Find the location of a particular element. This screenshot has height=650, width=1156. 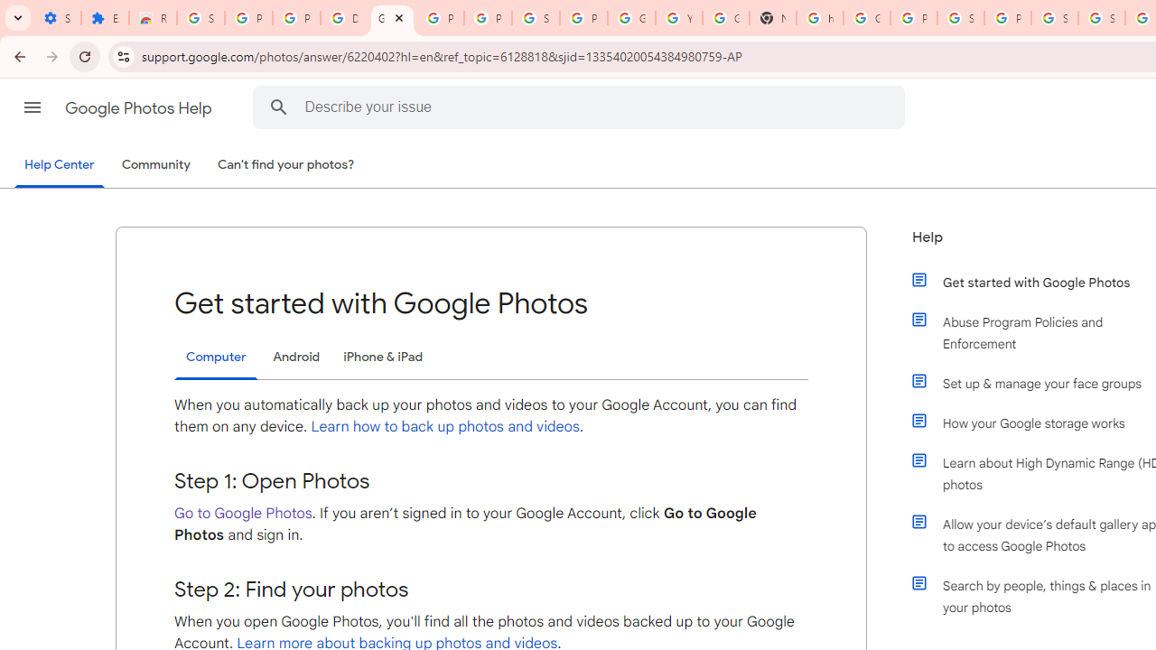

'Google Photos Help' is located at coordinates (139, 107).